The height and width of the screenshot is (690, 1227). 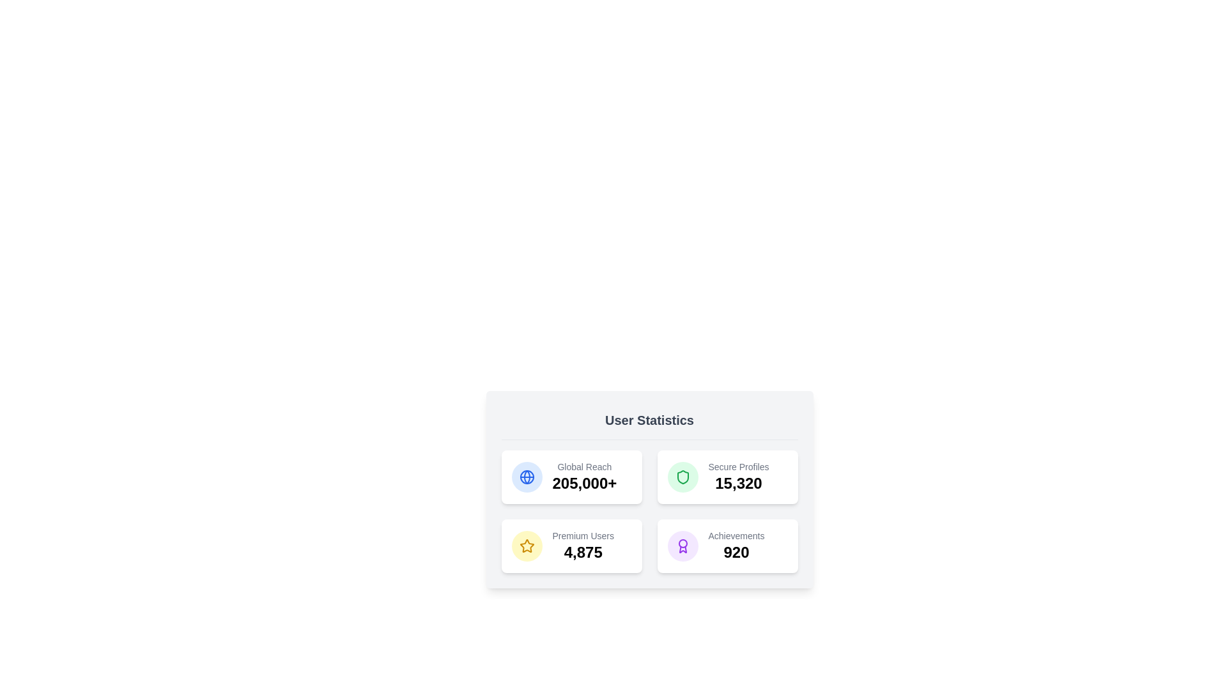 What do you see at coordinates (649, 489) in the screenshot?
I see `displayed statistics from the informational panel titled 'User Statistics' that contains a grid of four white rounded cards with icons and statistics` at bounding box center [649, 489].